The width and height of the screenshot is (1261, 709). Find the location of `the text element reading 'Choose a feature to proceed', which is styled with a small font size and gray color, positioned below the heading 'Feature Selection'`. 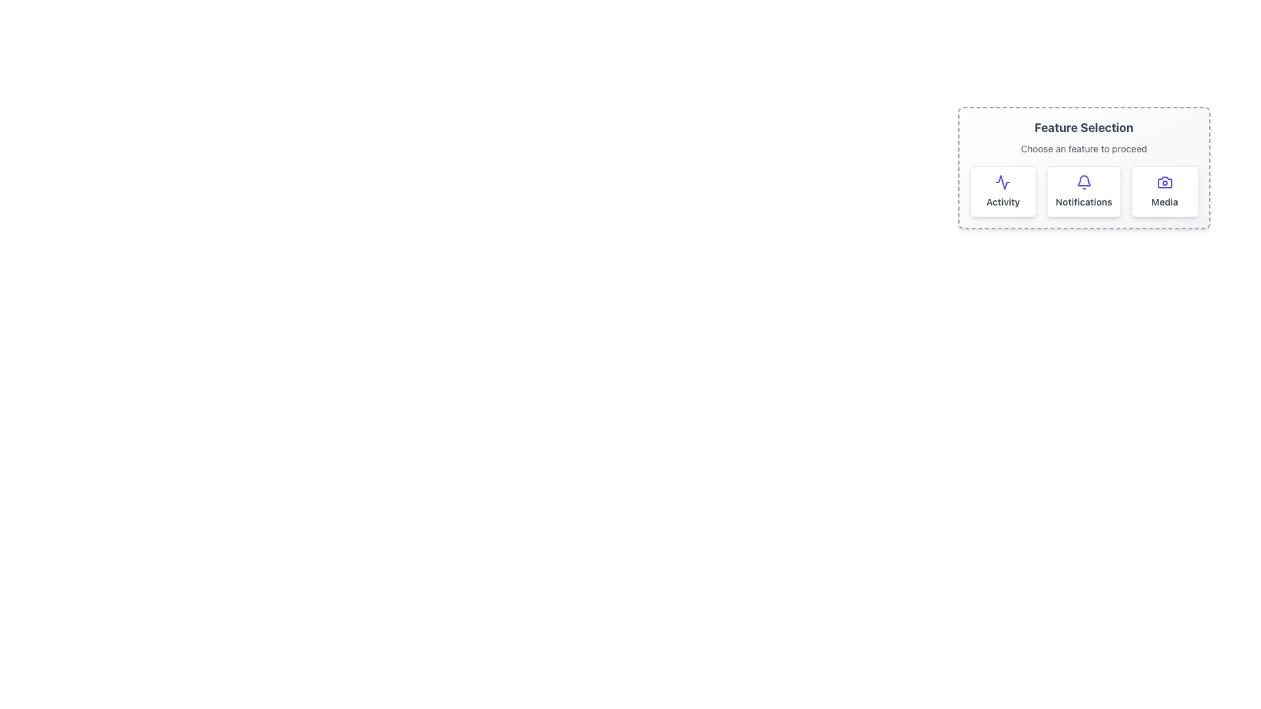

the text element reading 'Choose a feature to proceed', which is styled with a small font size and gray color, positioned below the heading 'Feature Selection' is located at coordinates (1084, 148).